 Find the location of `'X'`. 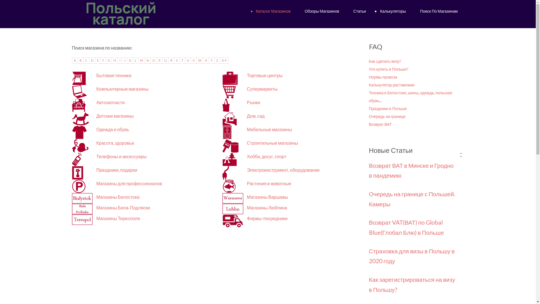

'X' is located at coordinates (205, 61).